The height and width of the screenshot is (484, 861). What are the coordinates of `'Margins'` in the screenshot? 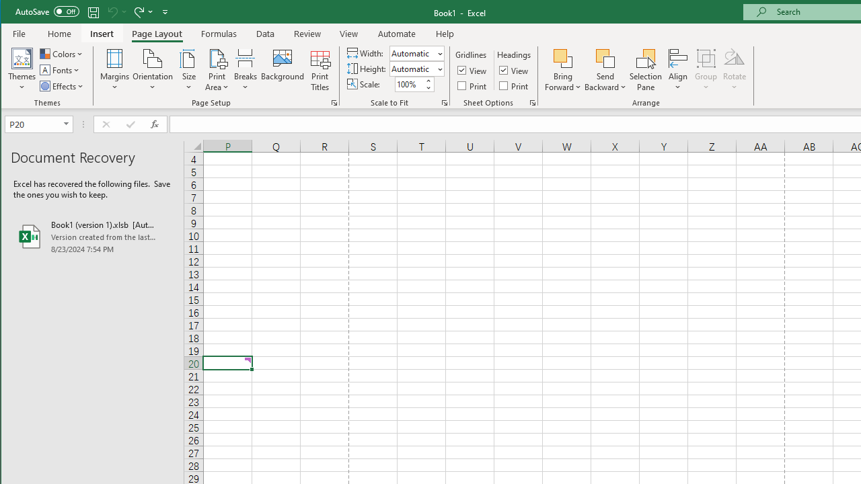 It's located at (114, 70).